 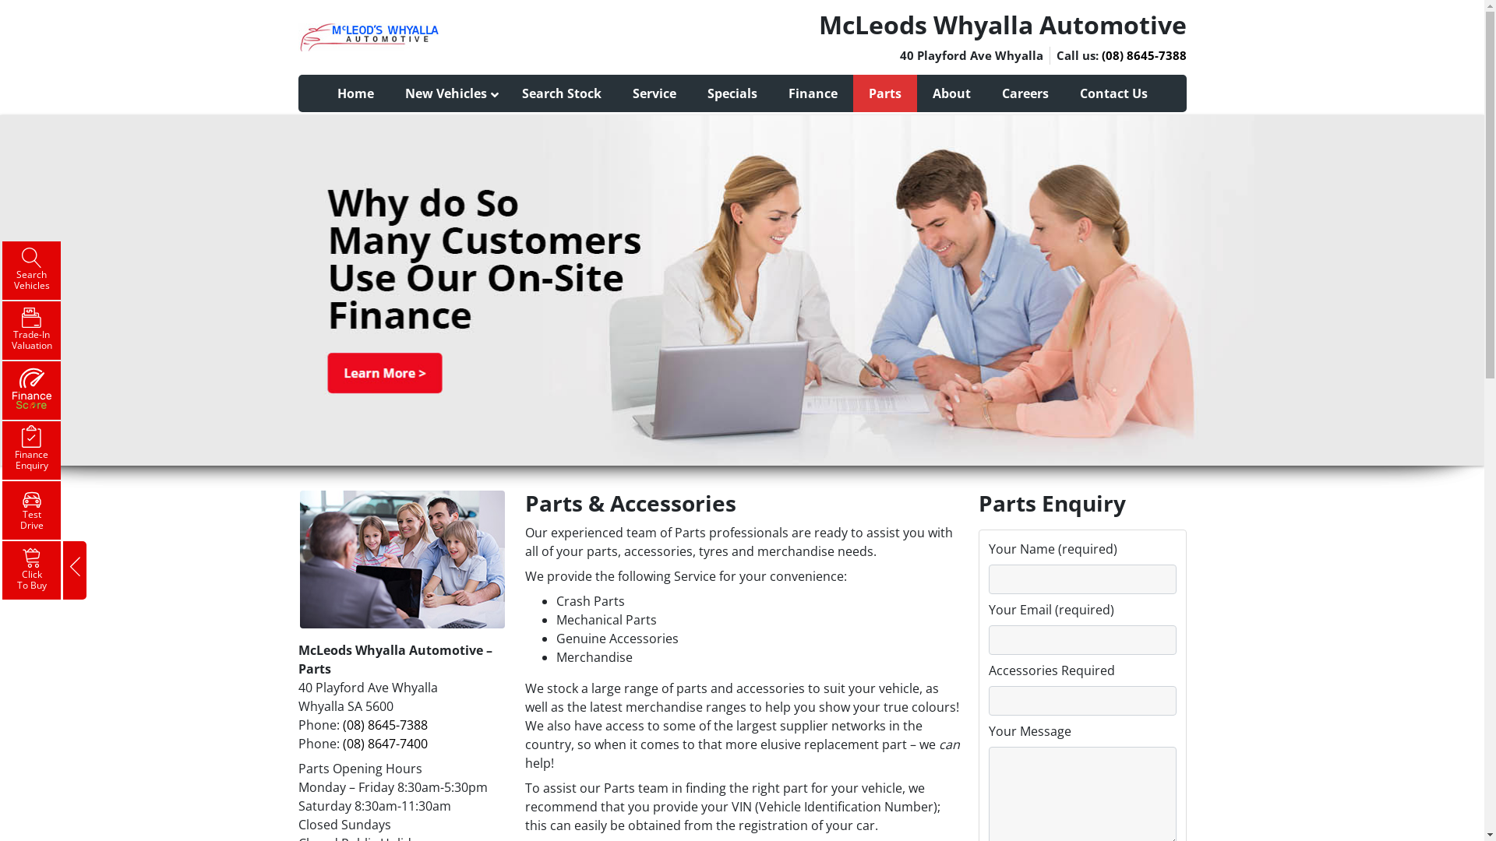 What do you see at coordinates (447, 93) in the screenshot?
I see `'New Vehicles'` at bounding box center [447, 93].